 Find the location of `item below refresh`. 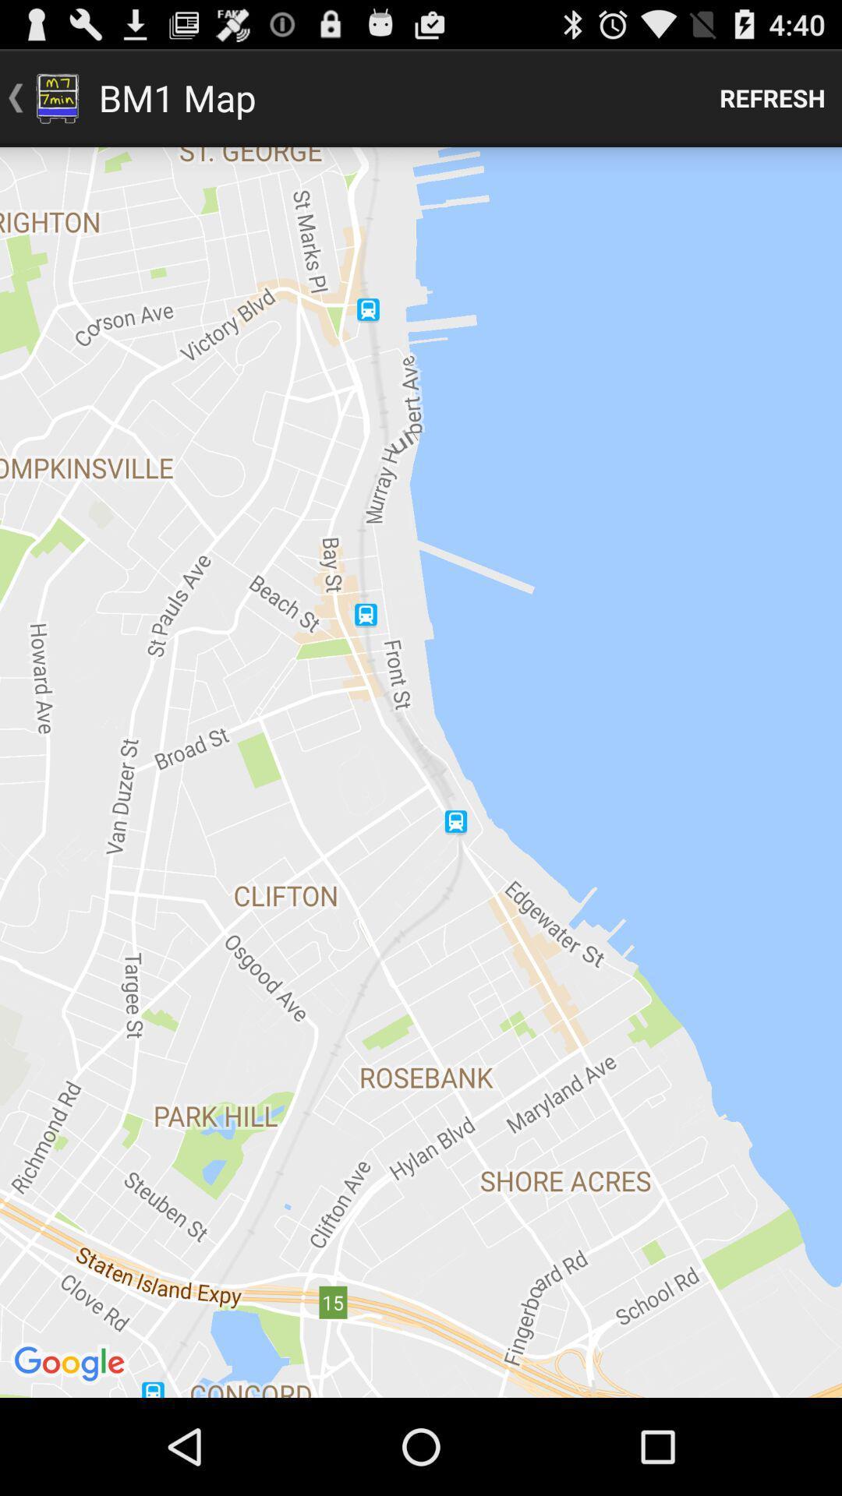

item below refresh is located at coordinates (421, 772).